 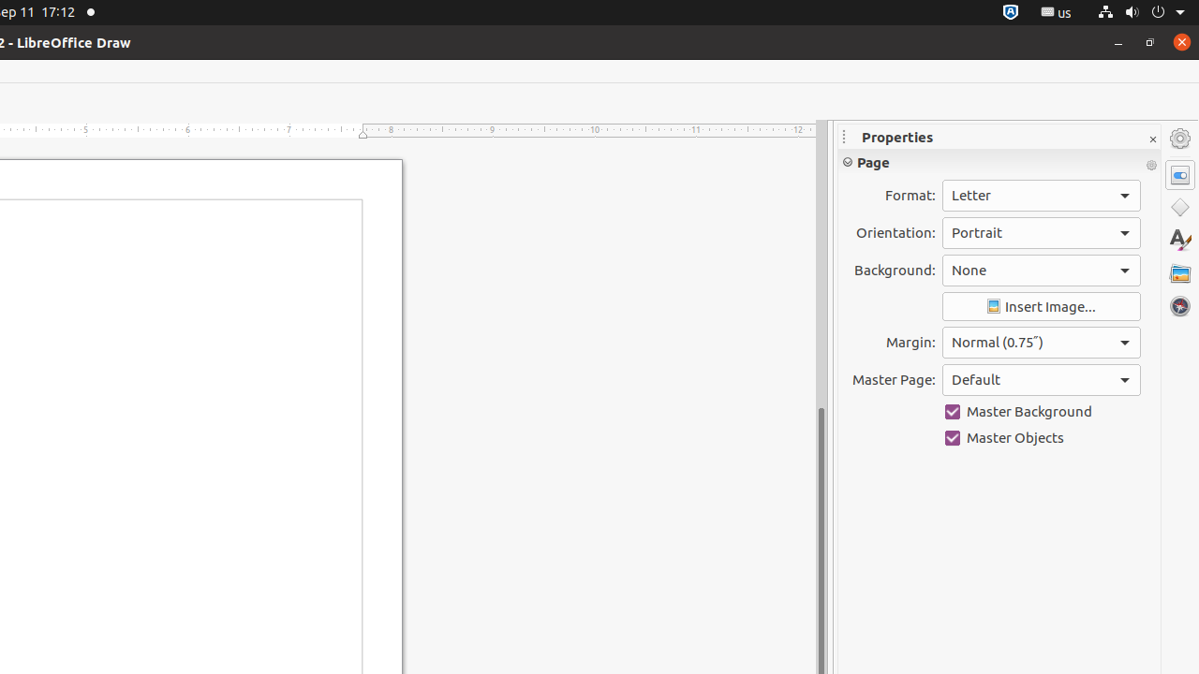 What do you see at coordinates (1040, 271) in the screenshot?
I see `'Background:'` at bounding box center [1040, 271].